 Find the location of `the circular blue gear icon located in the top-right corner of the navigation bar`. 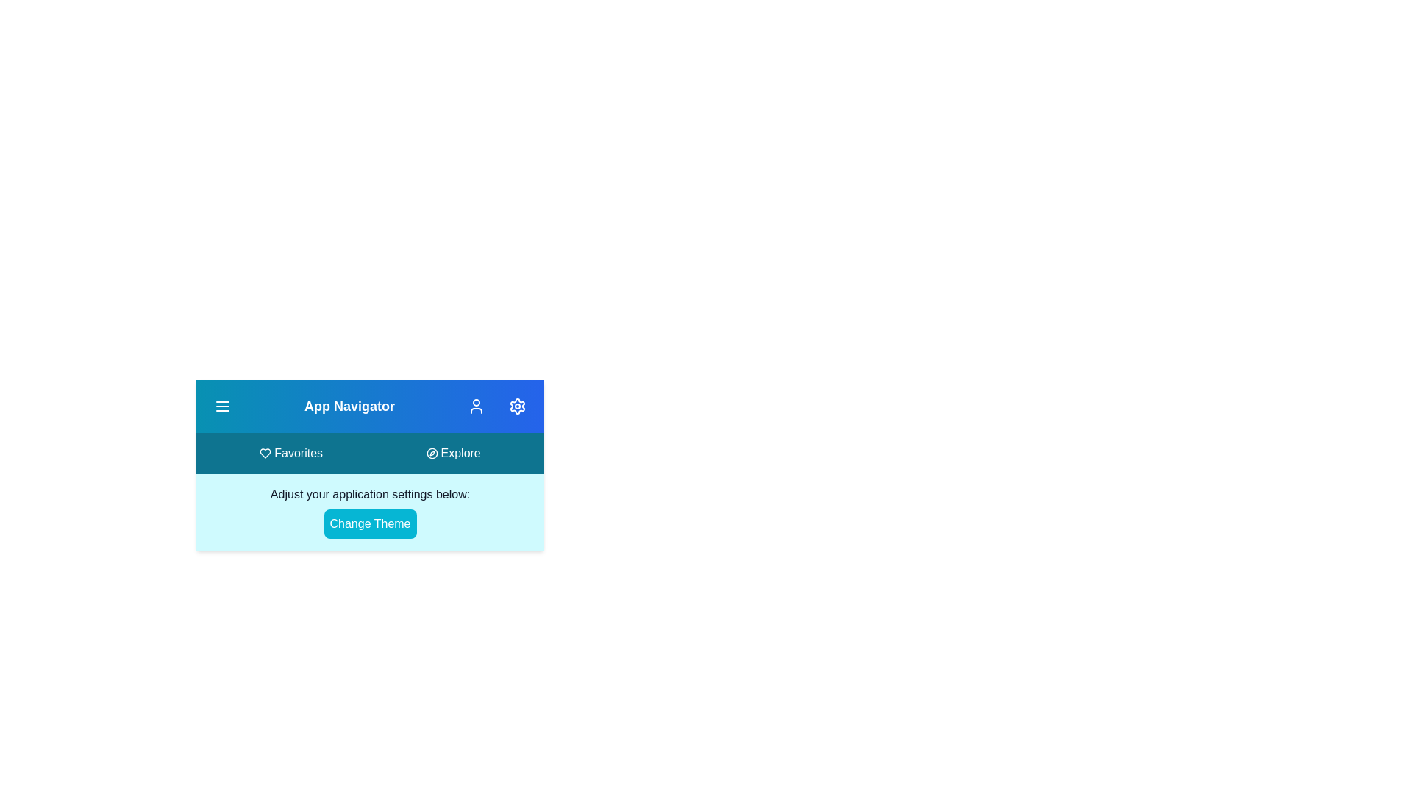

the circular blue gear icon located in the top-right corner of the navigation bar is located at coordinates (518, 406).